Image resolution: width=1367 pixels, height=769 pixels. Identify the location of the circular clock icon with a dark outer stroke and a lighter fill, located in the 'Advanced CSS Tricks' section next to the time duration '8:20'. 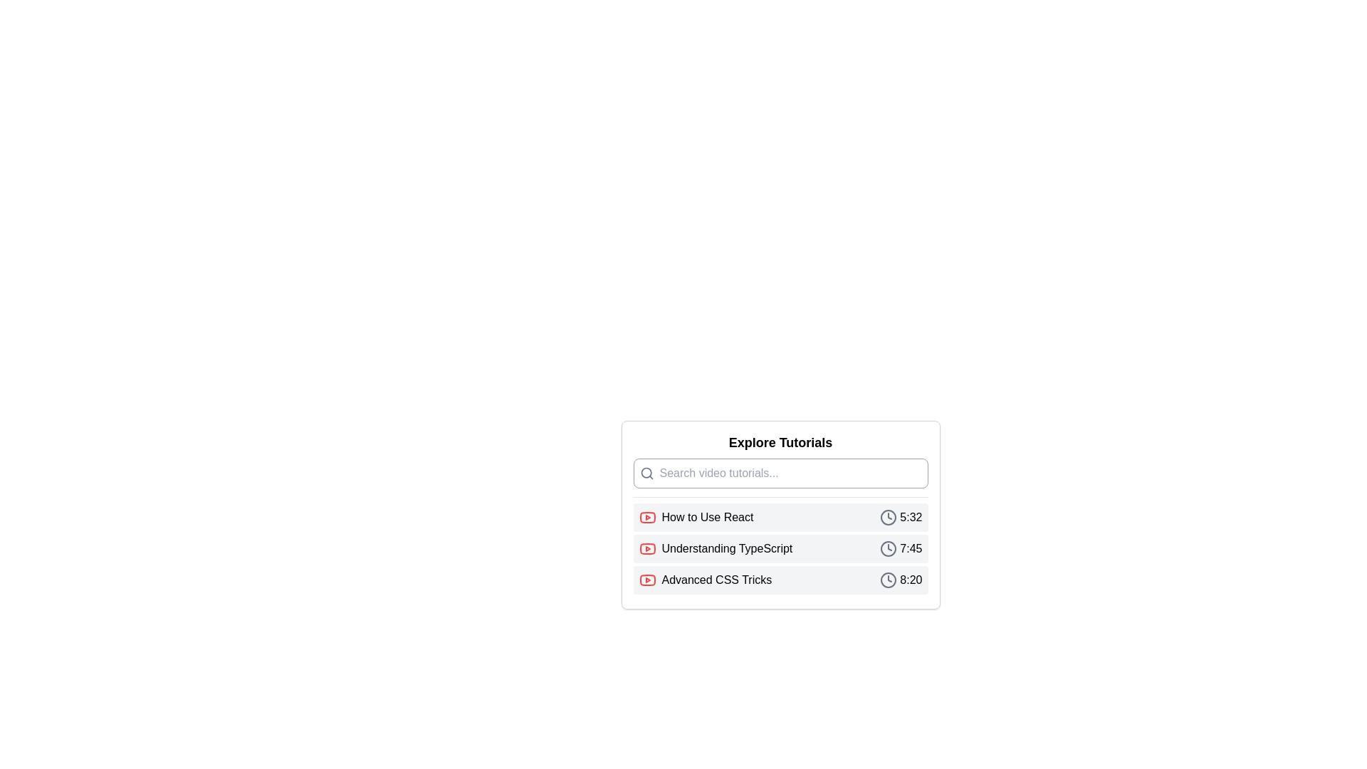
(888, 580).